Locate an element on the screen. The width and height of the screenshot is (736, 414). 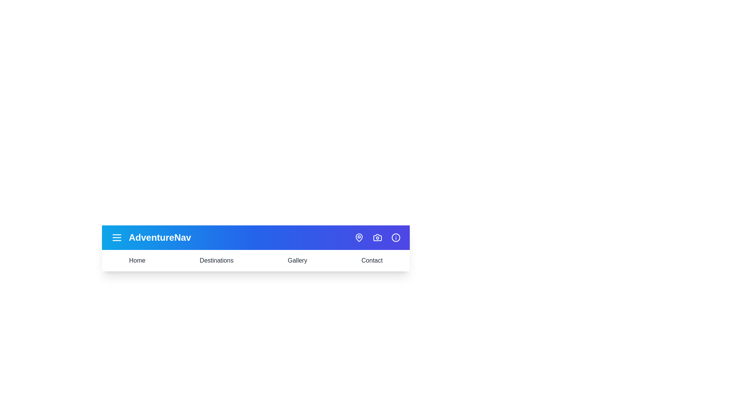
the text of the element Destinations for copying or inspection is located at coordinates (216, 260).